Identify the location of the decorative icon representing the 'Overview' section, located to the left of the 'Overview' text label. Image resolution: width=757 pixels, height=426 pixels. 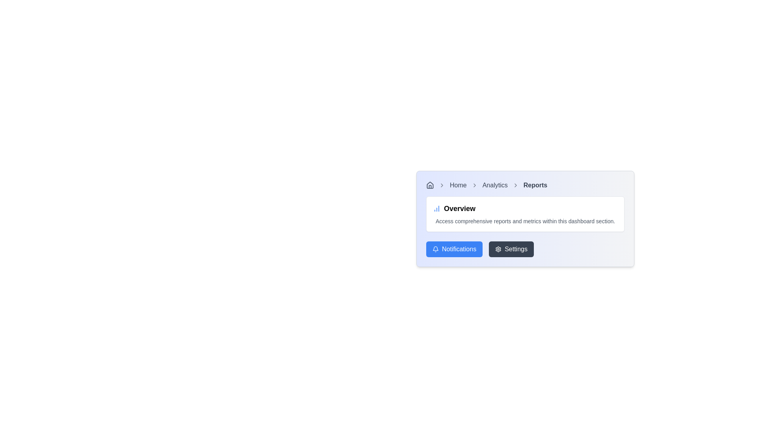
(436, 208).